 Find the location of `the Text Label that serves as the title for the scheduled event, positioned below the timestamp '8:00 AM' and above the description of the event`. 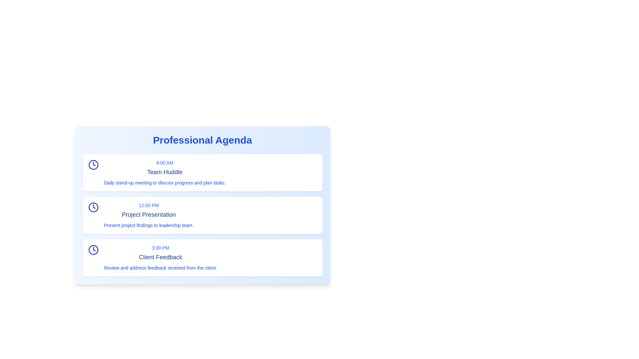

the Text Label that serves as the title for the scheduled event, positioned below the timestamp '8:00 AM' and above the description of the event is located at coordinates (165, 172).